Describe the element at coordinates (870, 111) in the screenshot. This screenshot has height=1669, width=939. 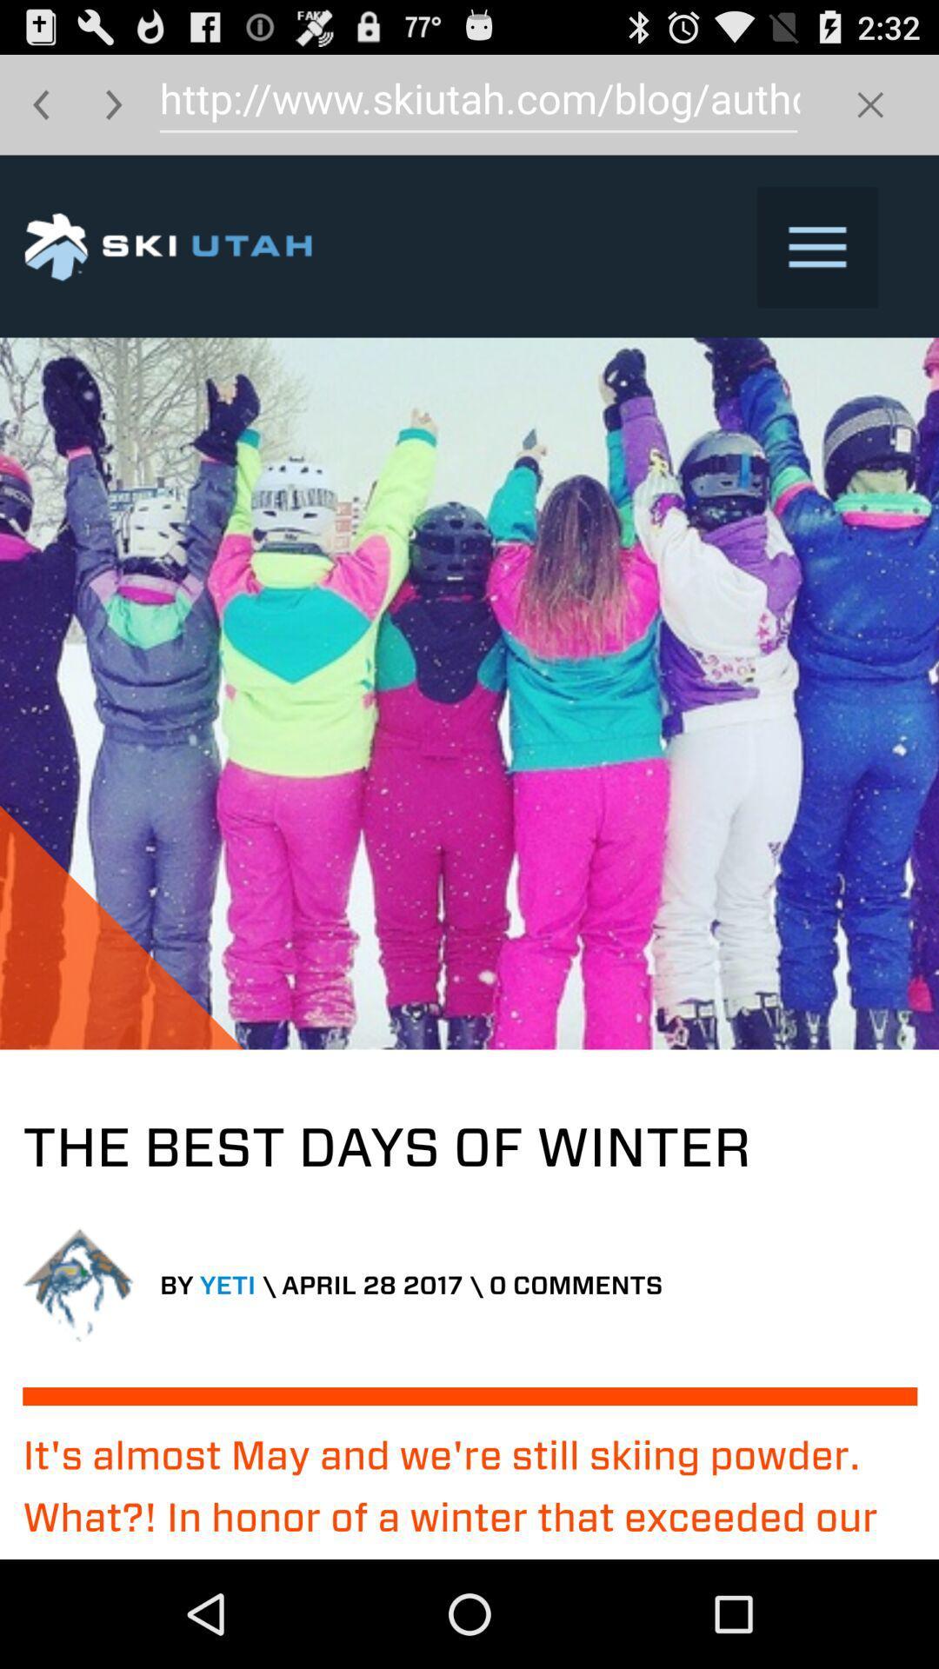
I see `the close icon` at that location.